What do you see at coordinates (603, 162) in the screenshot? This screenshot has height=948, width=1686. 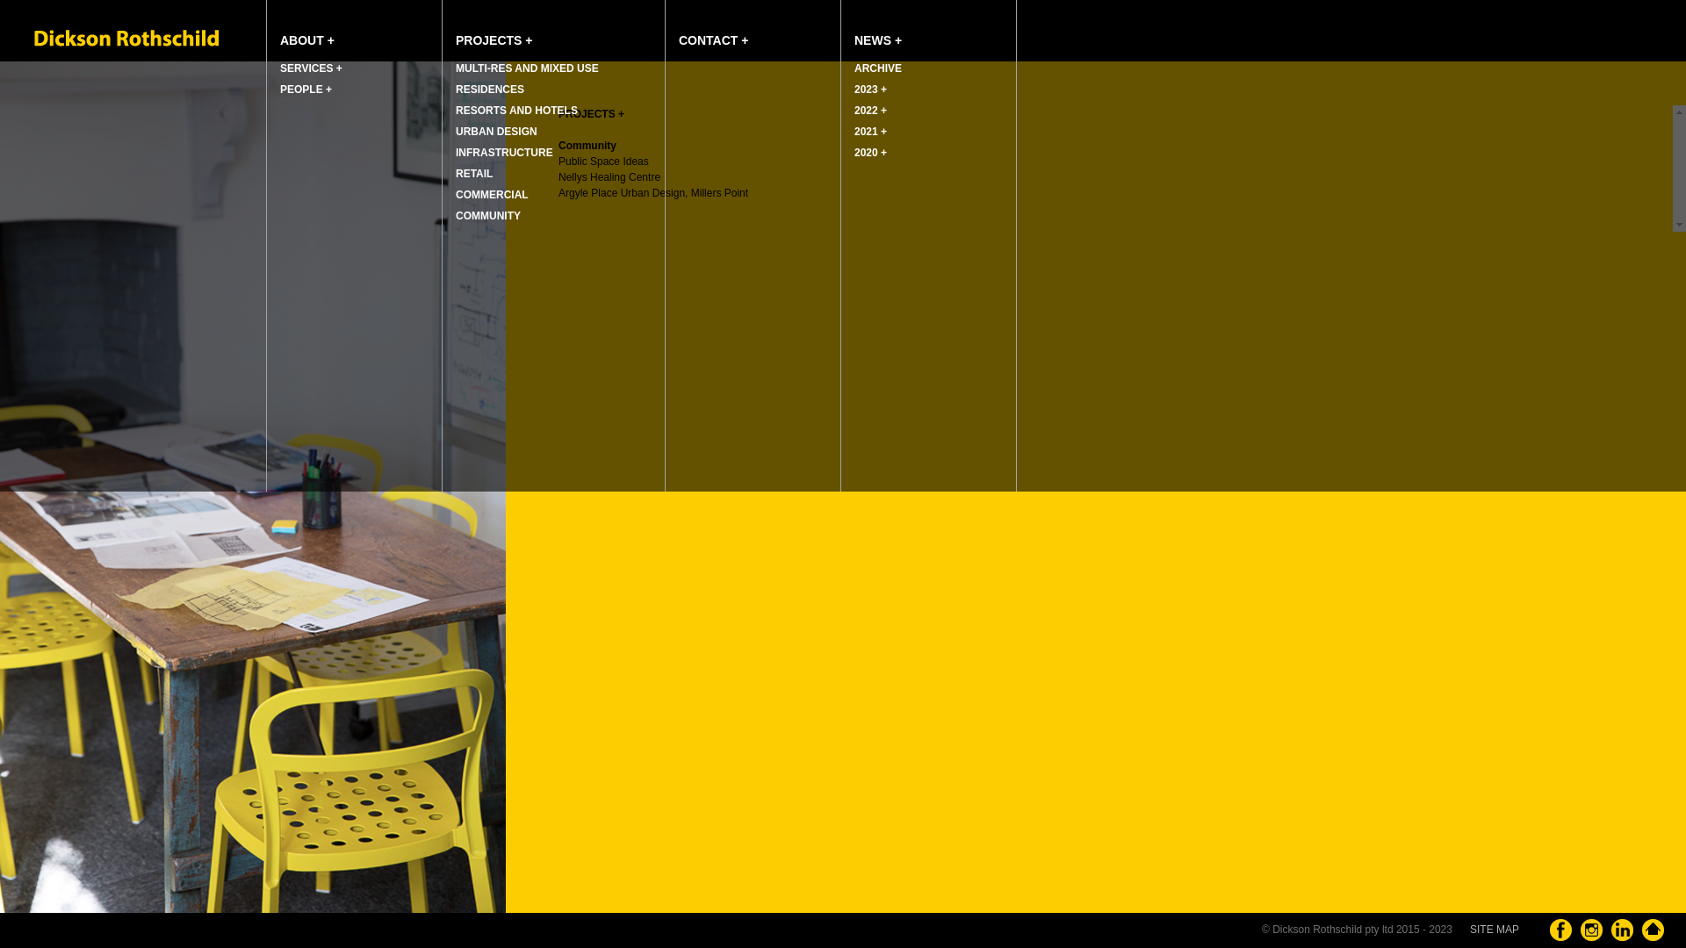 I see `'Public Space Ideas'` at bounding box center [603, 162].